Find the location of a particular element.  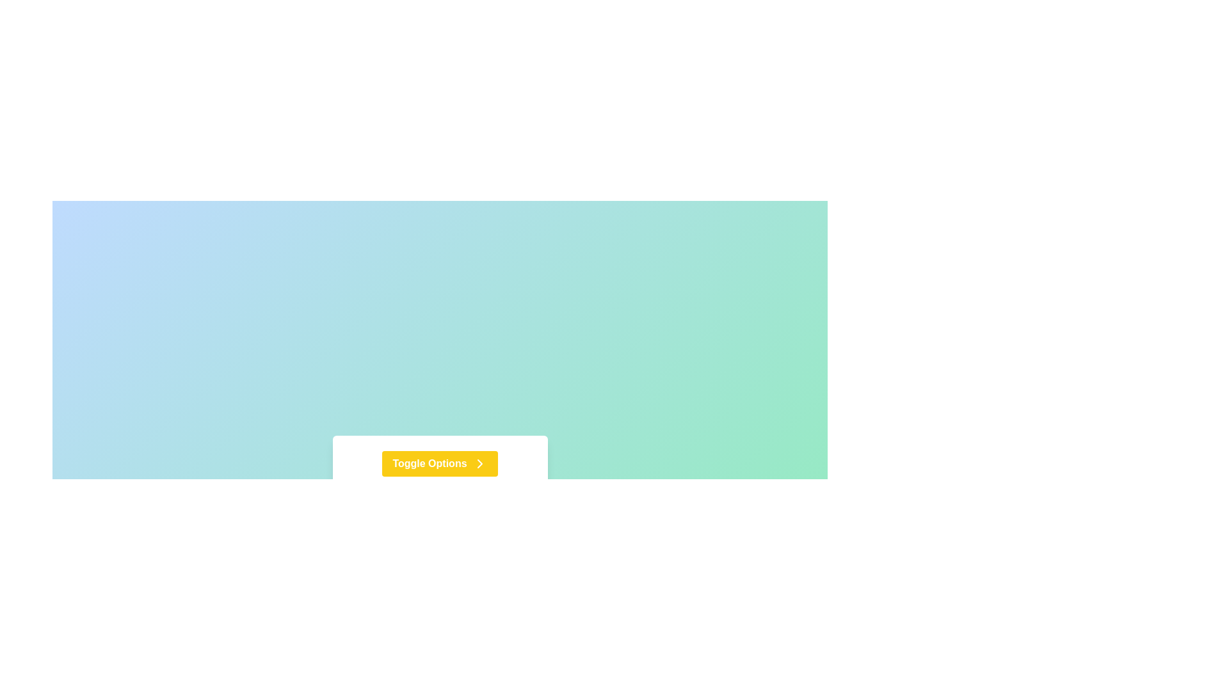

the right-facing chevron icon adjacent to the 'Toggle Options' button is located at coordinates (479, 464).